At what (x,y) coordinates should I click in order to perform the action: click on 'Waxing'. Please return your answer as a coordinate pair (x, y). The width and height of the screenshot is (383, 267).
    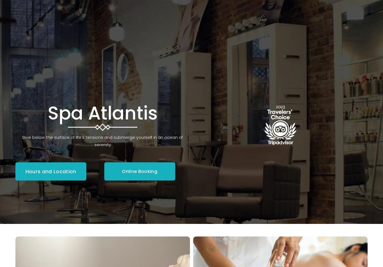
    Looking at the image, I should click on (174, 80).